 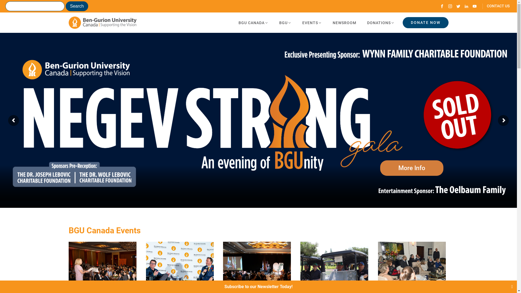 I want to click on 'EVENTS', so click(x=312, y=23).